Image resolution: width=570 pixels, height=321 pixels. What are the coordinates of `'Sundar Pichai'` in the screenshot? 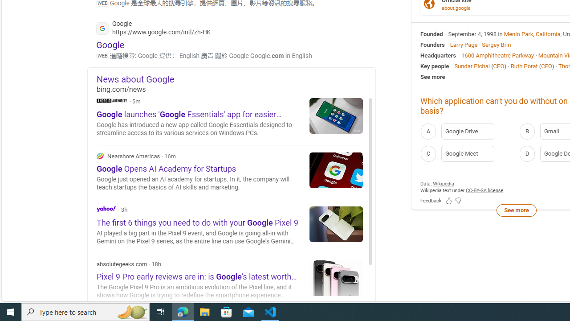 It's located at (471, 65).